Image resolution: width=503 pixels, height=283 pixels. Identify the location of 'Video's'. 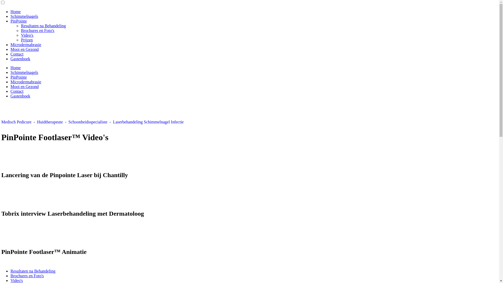
(17, 280).